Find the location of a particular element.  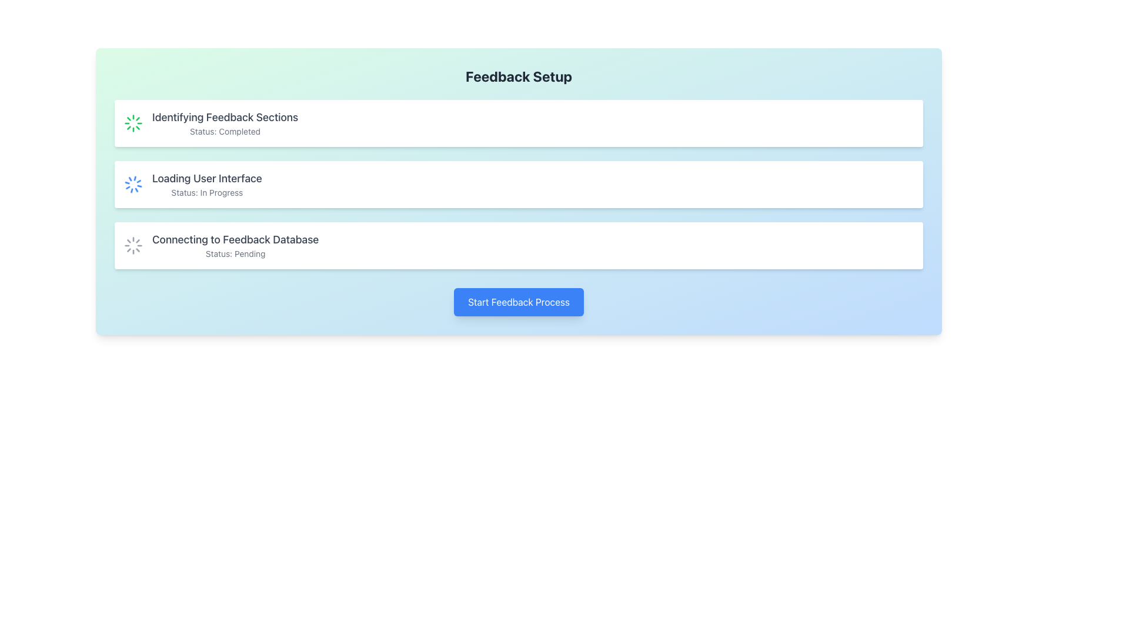

the multi-line informational text block displaying 'Connecting to Feedback Database' and 'Status: Pending', which is the third element in a vertical sequence of process steps is located at coordinates (235, 245).